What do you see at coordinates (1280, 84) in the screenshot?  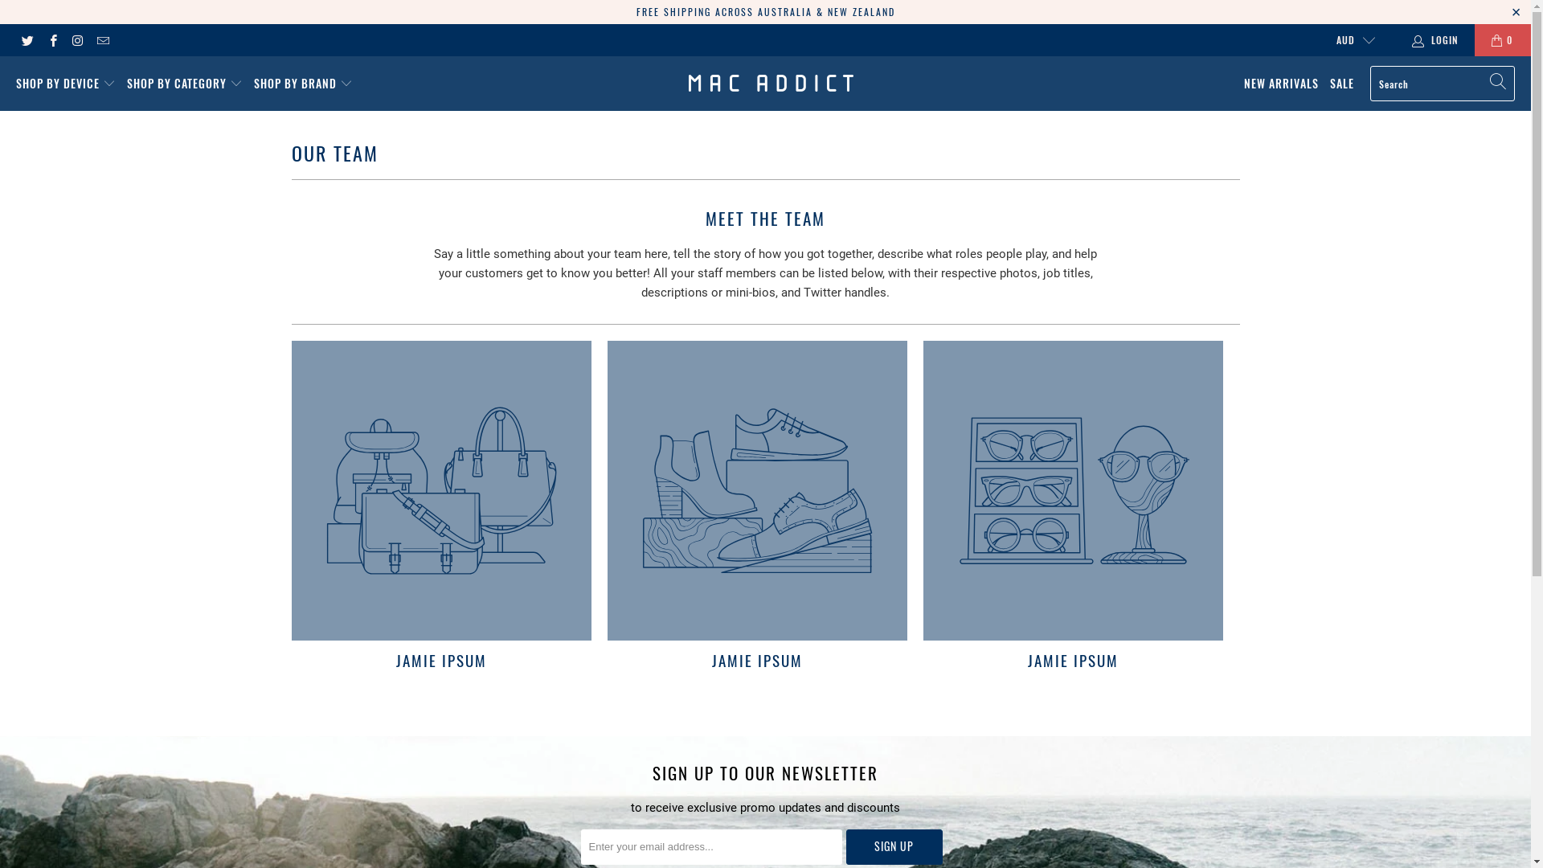 I see `'NEW ARRIVALS'` at bounding box center [1280, 84].